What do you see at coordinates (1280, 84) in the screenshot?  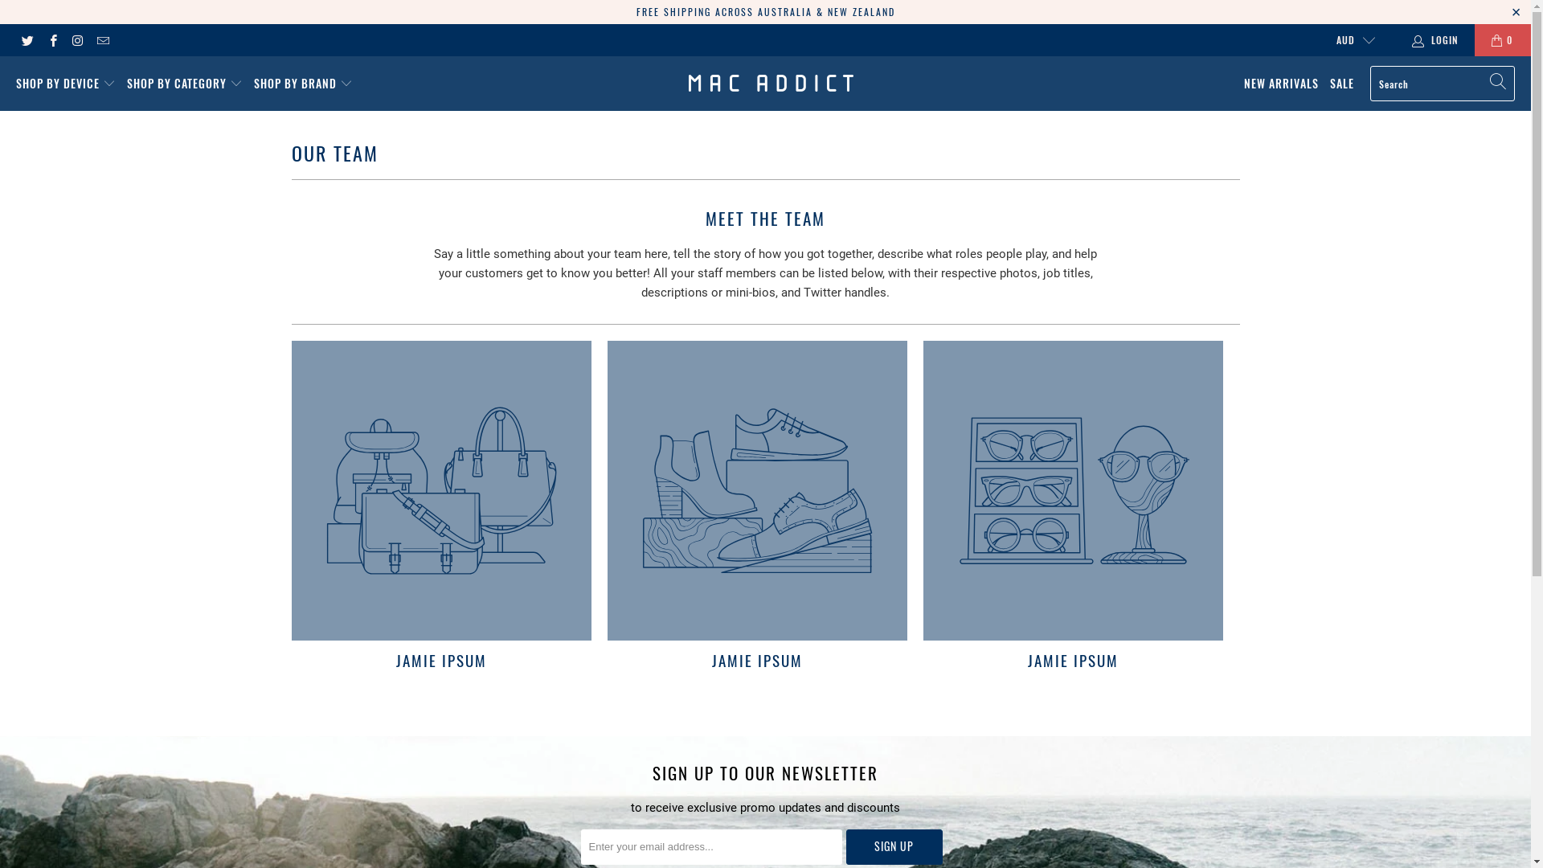 I see `'NEW ARRIVALS'` at bounding box center [1280, 84].